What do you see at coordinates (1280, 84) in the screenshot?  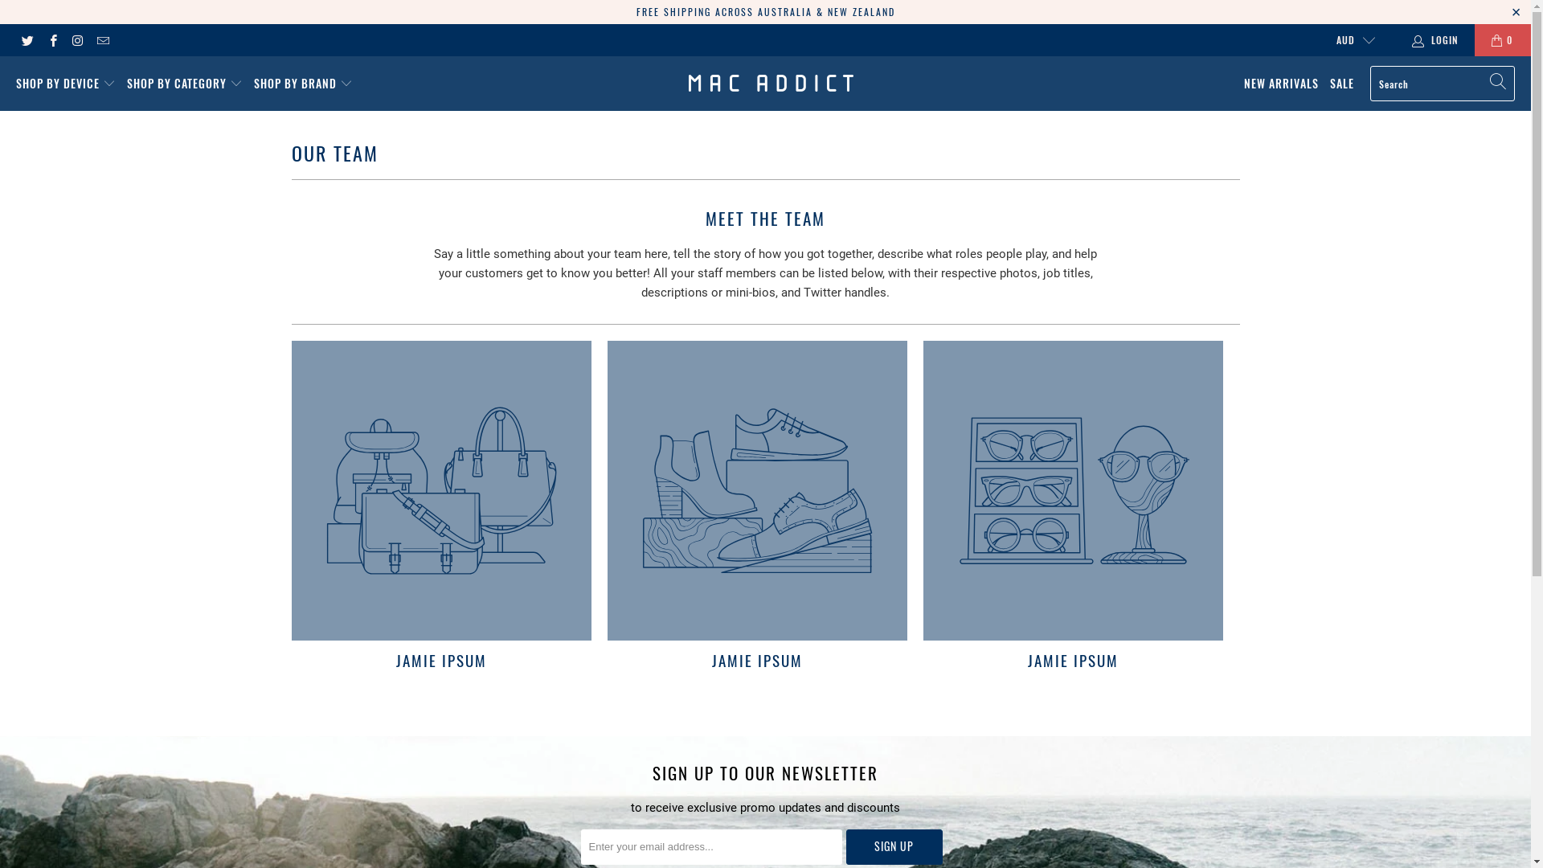 I see `'NEW ARRIVALS'` at bounding box center [1280, 84].